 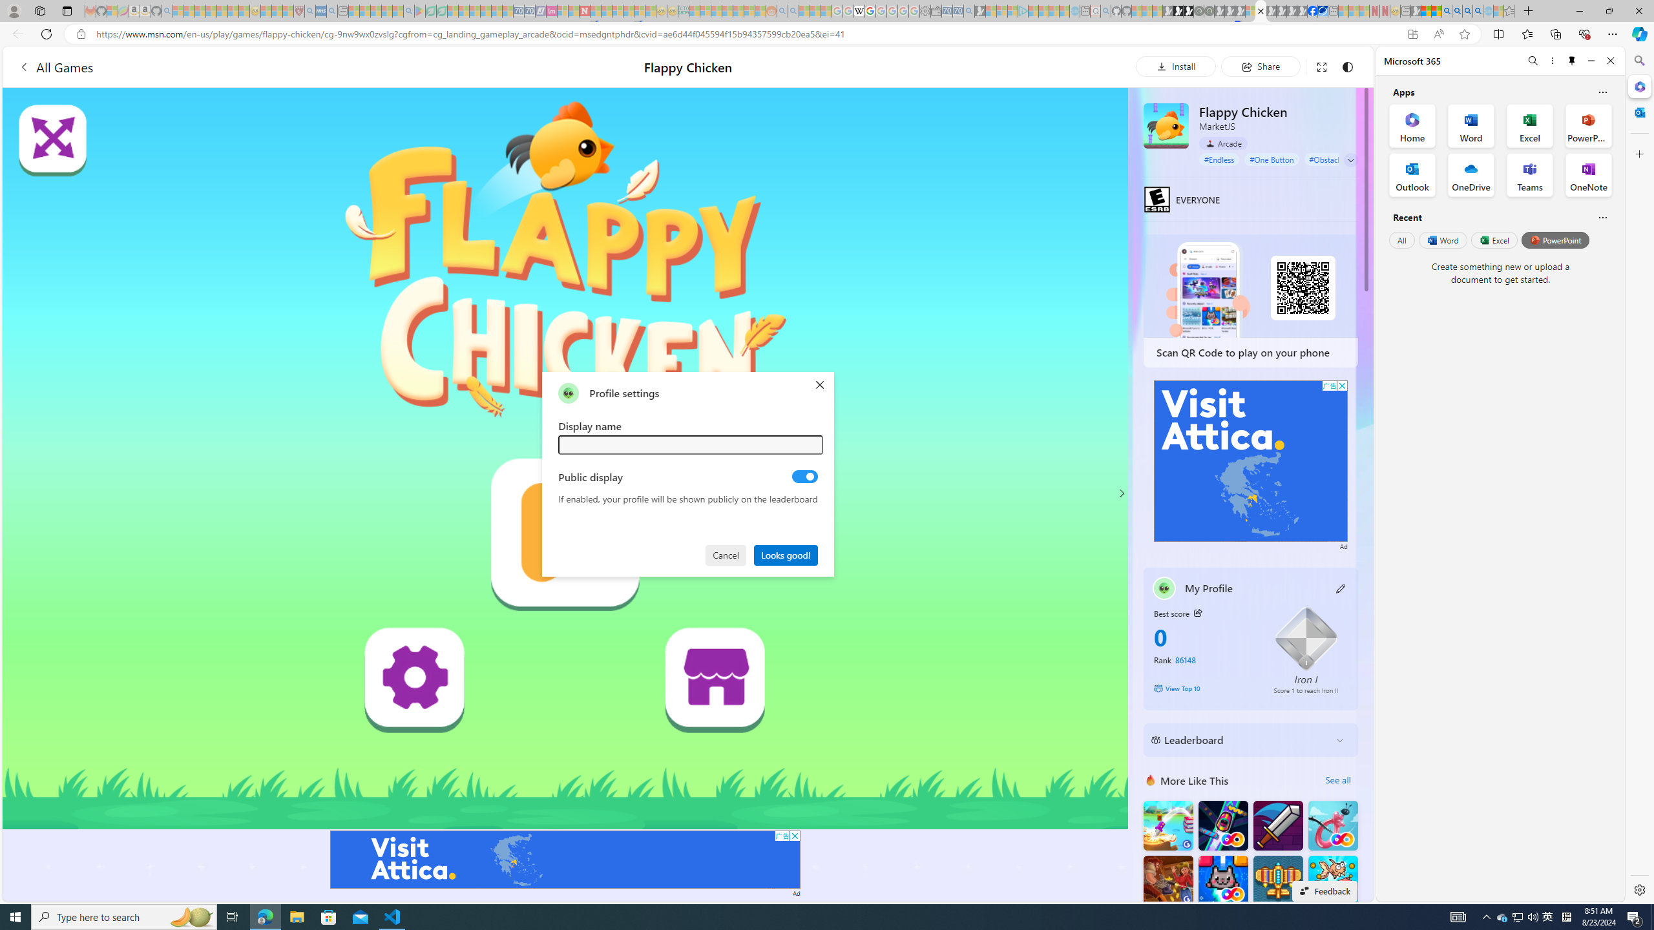 I want to click on 'Cancel', so click(x=727, y=553).